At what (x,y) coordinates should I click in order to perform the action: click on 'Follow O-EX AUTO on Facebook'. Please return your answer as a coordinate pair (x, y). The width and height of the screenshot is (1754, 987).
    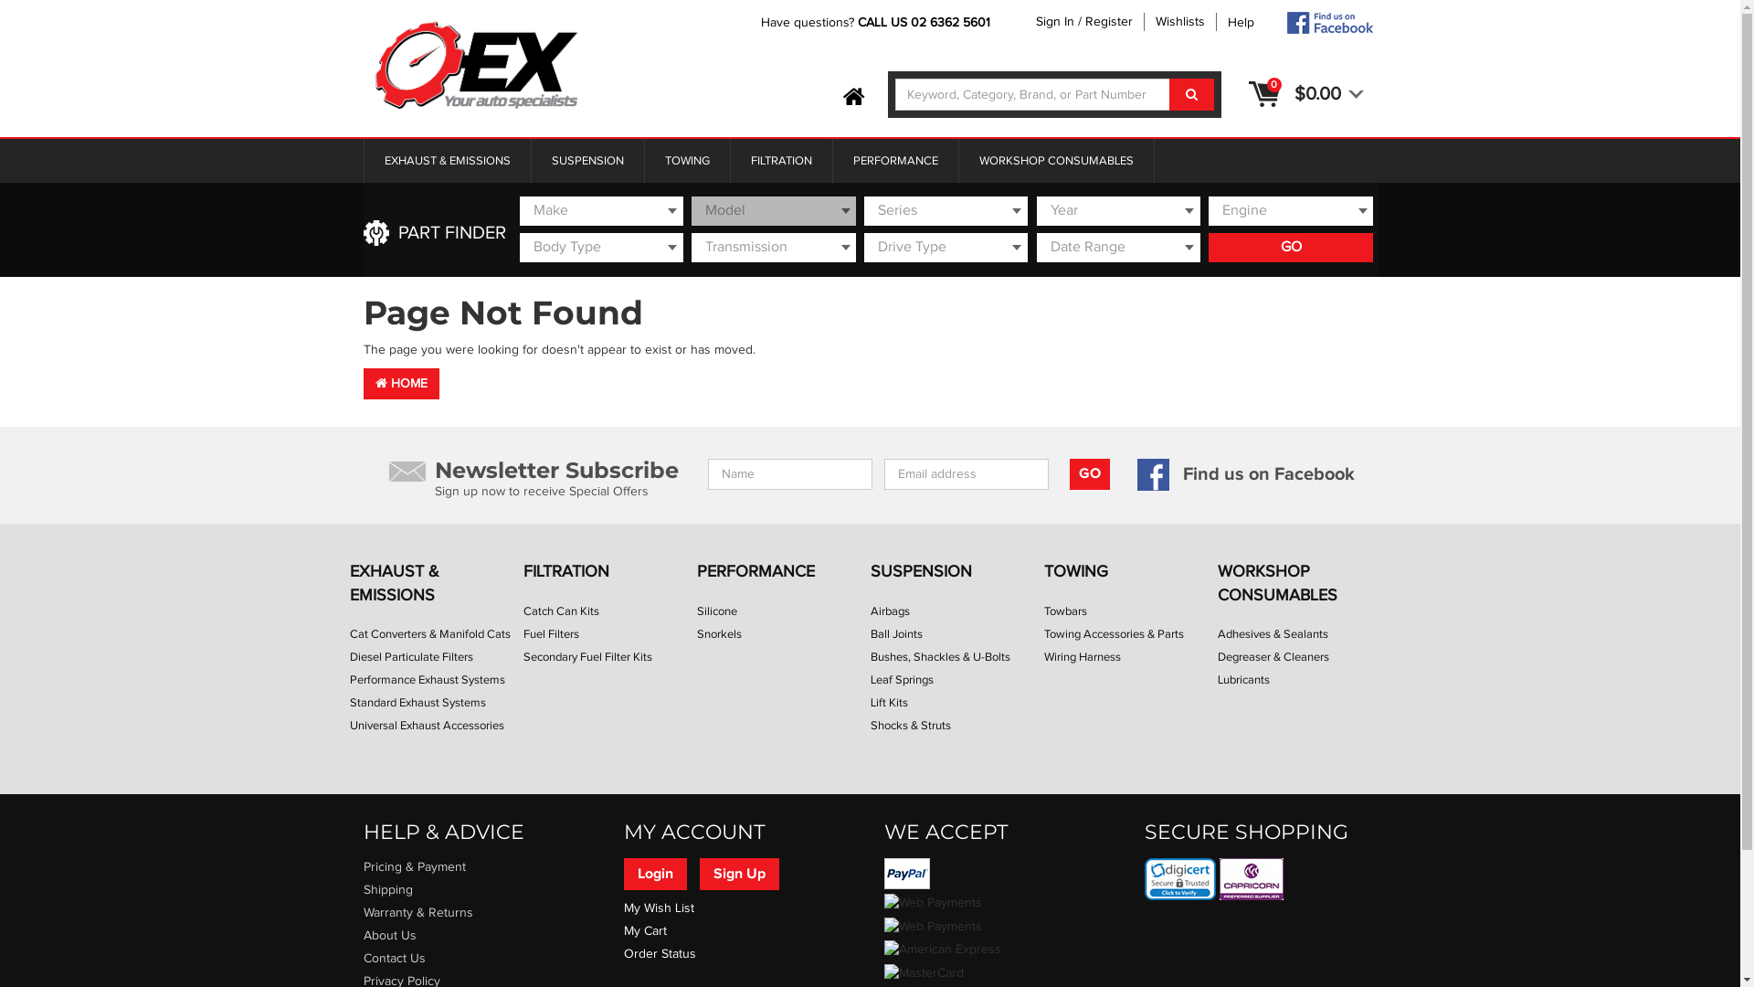
    Looking at the image, I should click on (1328, 22).